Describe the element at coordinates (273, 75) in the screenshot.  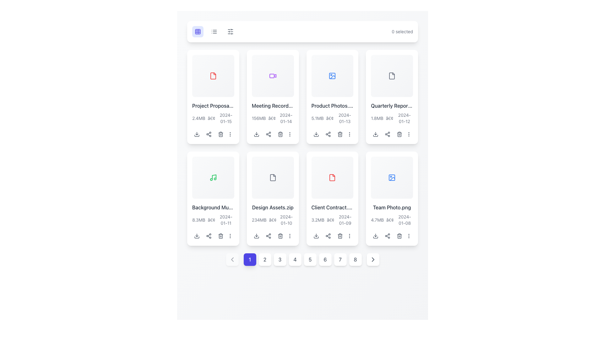
I see `the purple video camera icon located in the upper right part of the grid layout of cards, specifically in the second column of the first row, which is enclosed in a square card titled 'Meeting Record...'` at that location.